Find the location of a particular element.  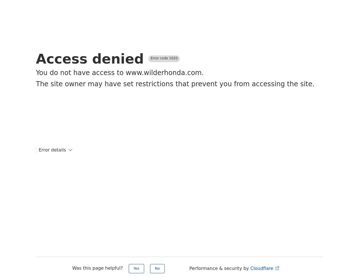

'Yes' is located at coordinates (136, 268).